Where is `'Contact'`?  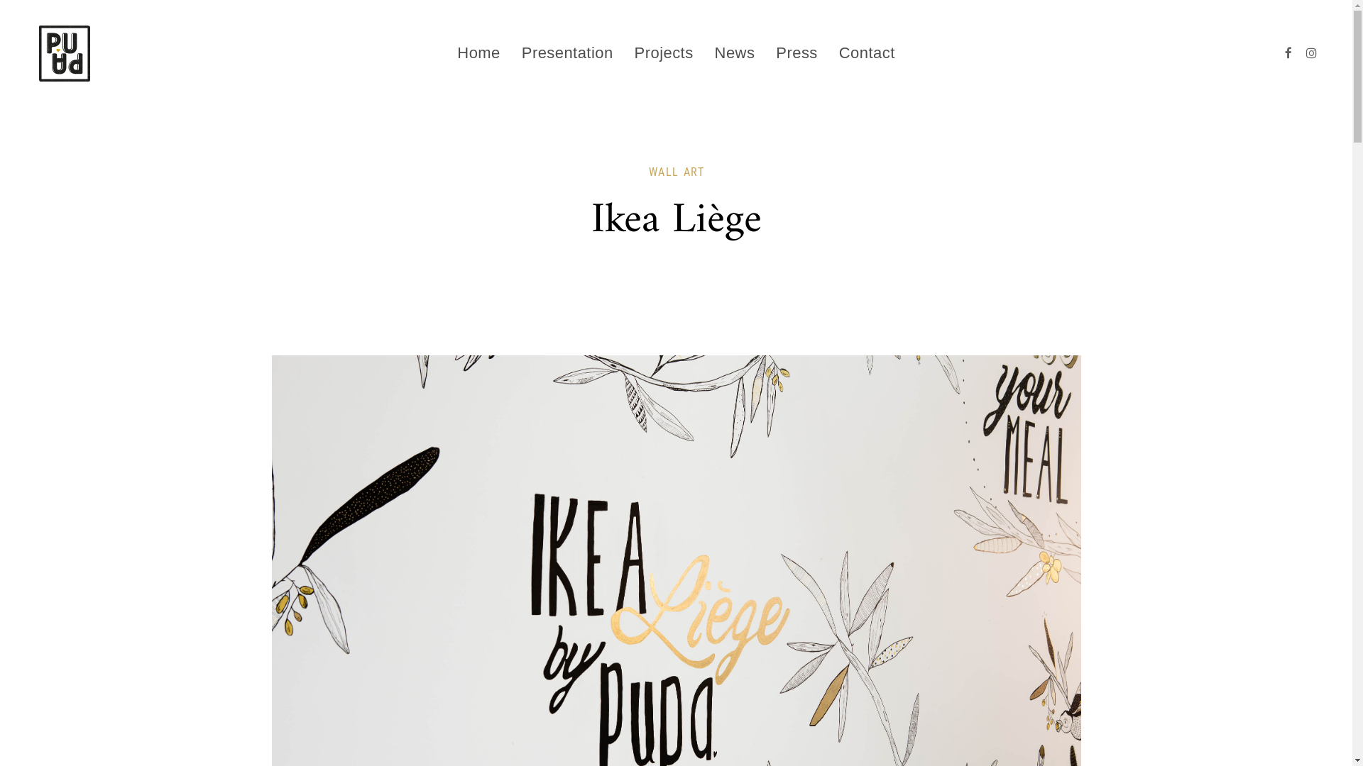 'Contact' is located at coordinates (866, 52).